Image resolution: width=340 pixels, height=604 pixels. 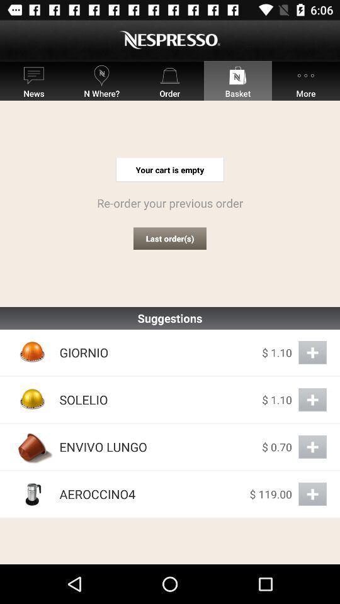 I want to click on the image beside envivo lungo, so click(x=33, y=447).